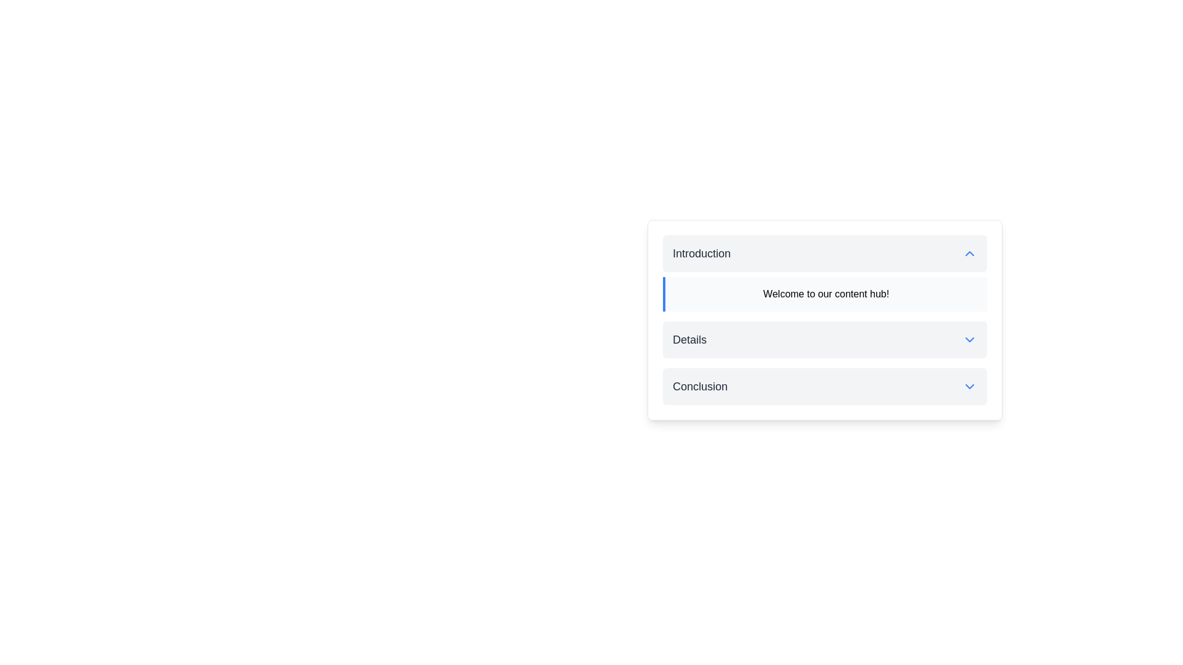  What do you see at coordinates (969, 253) in the screenshot?
I see `the SVG Icon located at the far-right side of the 'Introduction' header section` at bounding box center [969, 253].